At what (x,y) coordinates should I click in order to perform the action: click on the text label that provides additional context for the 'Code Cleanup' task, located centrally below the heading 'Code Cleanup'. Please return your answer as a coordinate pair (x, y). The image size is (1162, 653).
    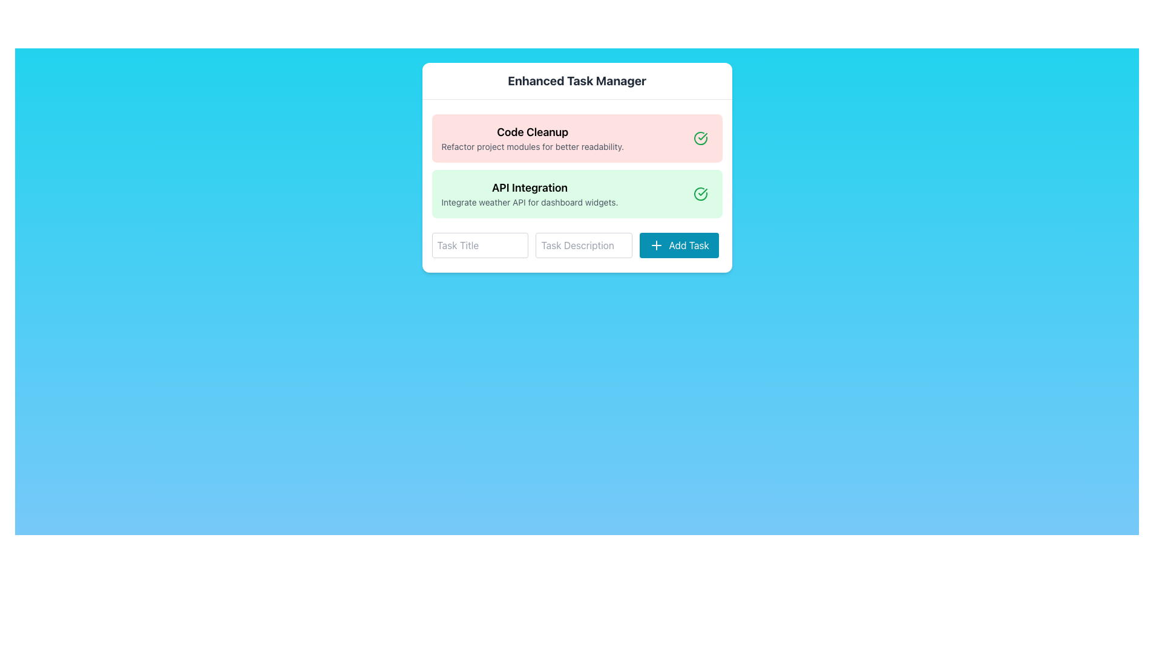
    Looking at the image, I should click on (533, 146).